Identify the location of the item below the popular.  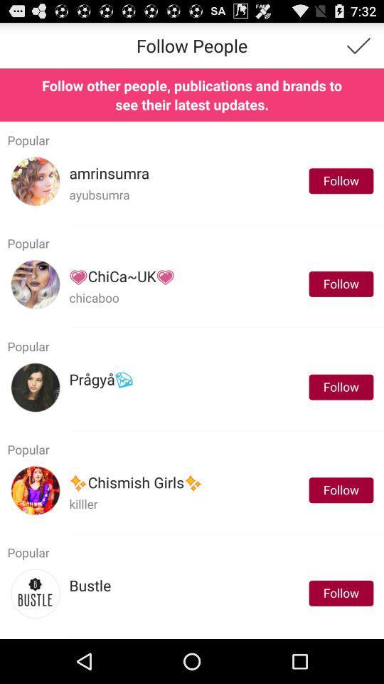
(108, 172).